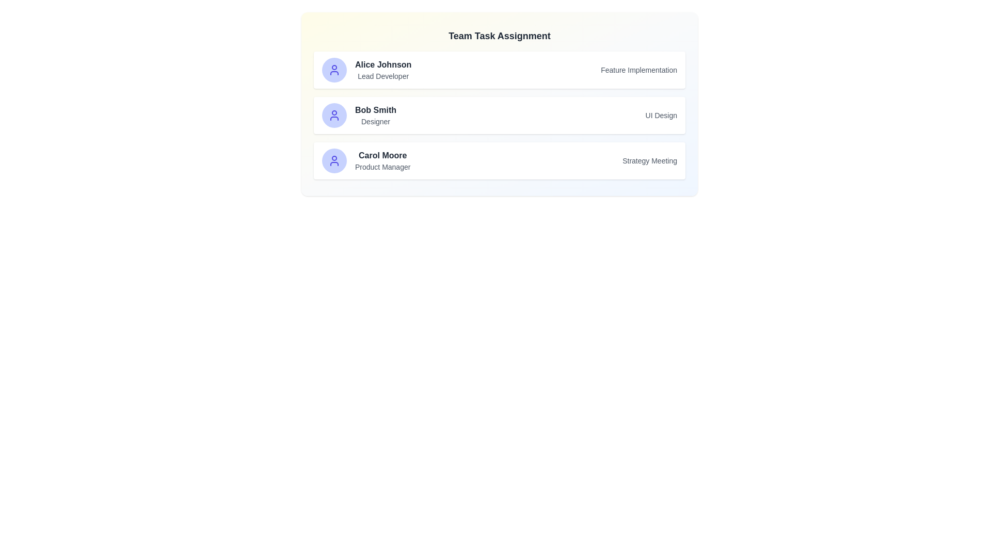 The width and height of the screenshot is (991, 557). What do you see at coordinates (649, 161) in the screenshot?
I see `the text label displaying information about the meeting type or topic related to Carol Moore, the Product Manager, in the third row of the list` at bounding box center [649, 161].